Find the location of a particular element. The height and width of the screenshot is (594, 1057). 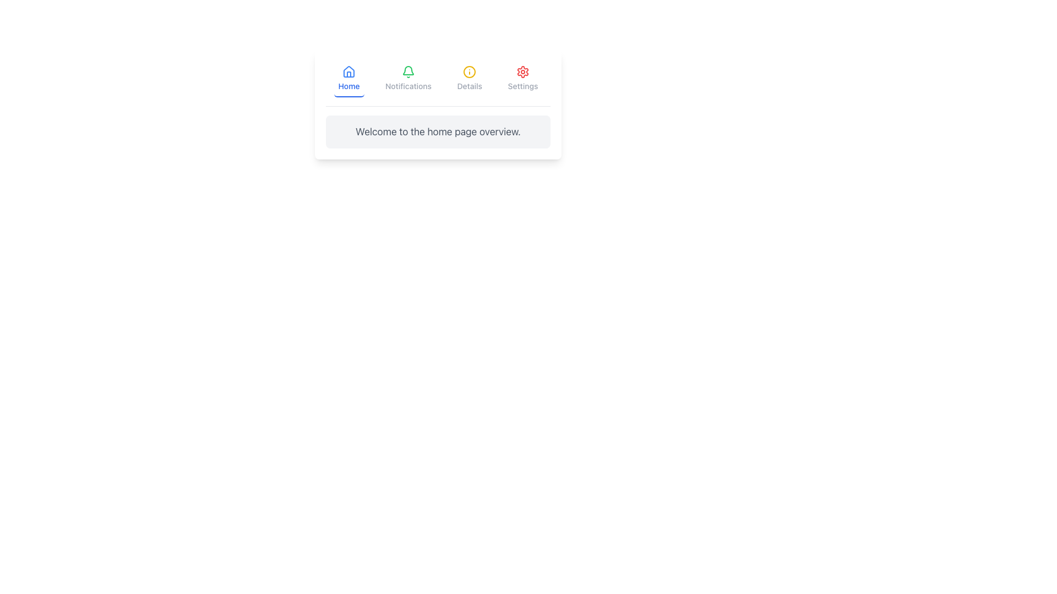

the stylized blue house icon in the top navigation bar is located at coordinates (348, 71).